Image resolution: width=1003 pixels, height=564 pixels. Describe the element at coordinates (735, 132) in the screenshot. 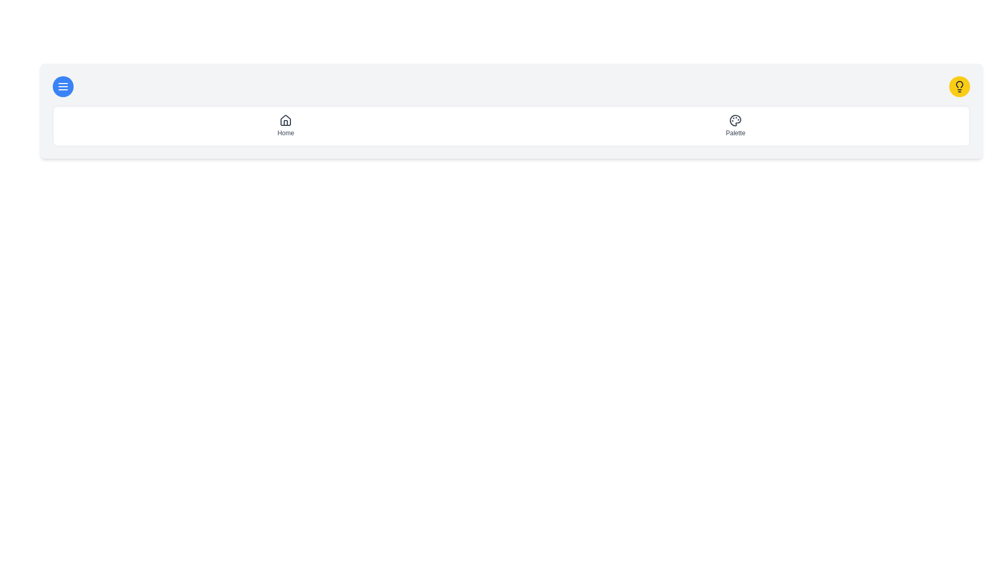

I see `the static text label that provides a description for the palette icon located directly below it, centered horizontally and positioned towards the right side of the interface` at that location.